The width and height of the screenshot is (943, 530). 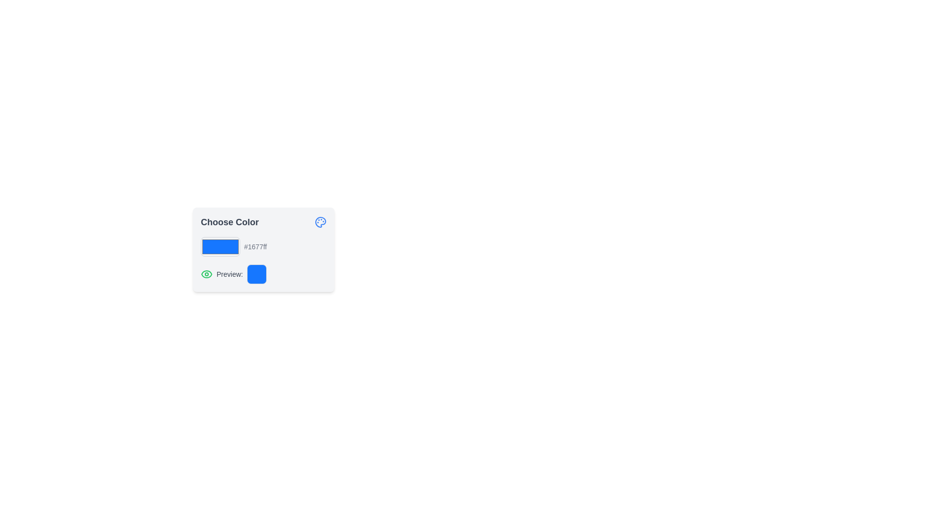 I want to click on the text label displaying the color code '#1677ff', so click(x=264, y=274).